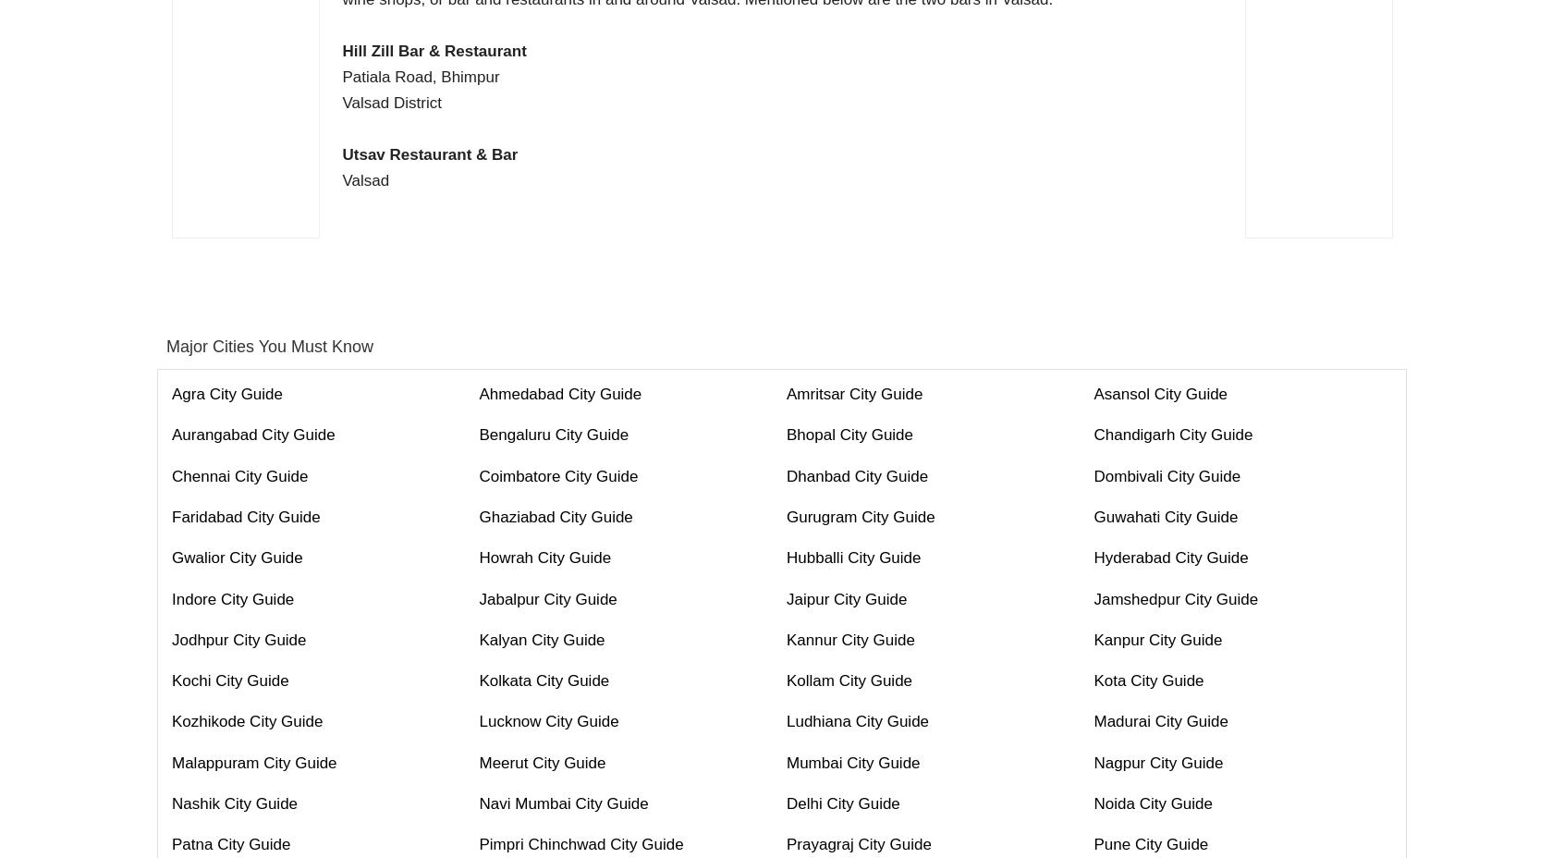 The image size is (1564, 858). Describe the element at coordinates (170, 720) in the screenshot. I see `'Kozhikode City Guide'` at that location.